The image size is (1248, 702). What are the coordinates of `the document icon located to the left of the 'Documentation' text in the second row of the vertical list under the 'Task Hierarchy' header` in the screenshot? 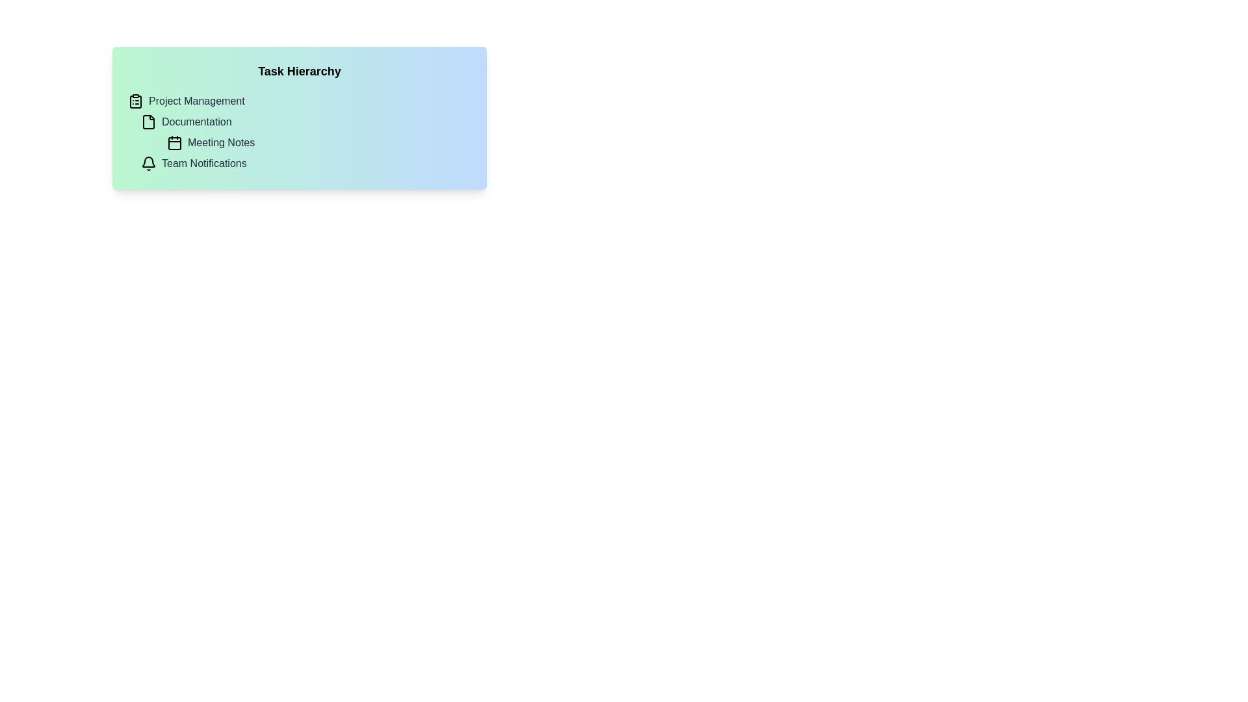 It's located at (149, 122).